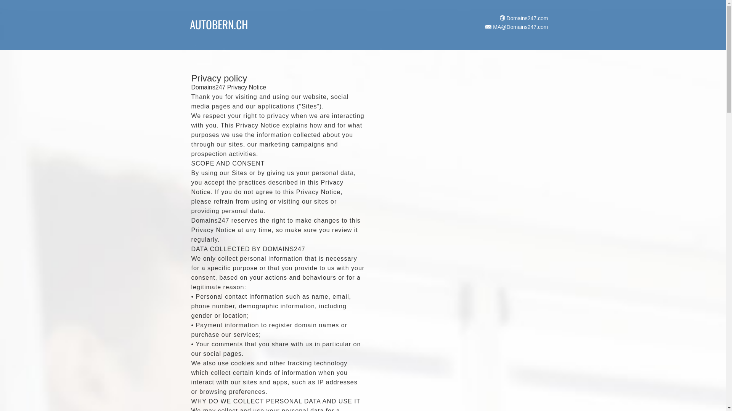 The height and width of the screenshot is (411, 732). Describe the element at coordinates (483, 26) in the screenshot. I see `'MA@Domains247.com'` at that location.